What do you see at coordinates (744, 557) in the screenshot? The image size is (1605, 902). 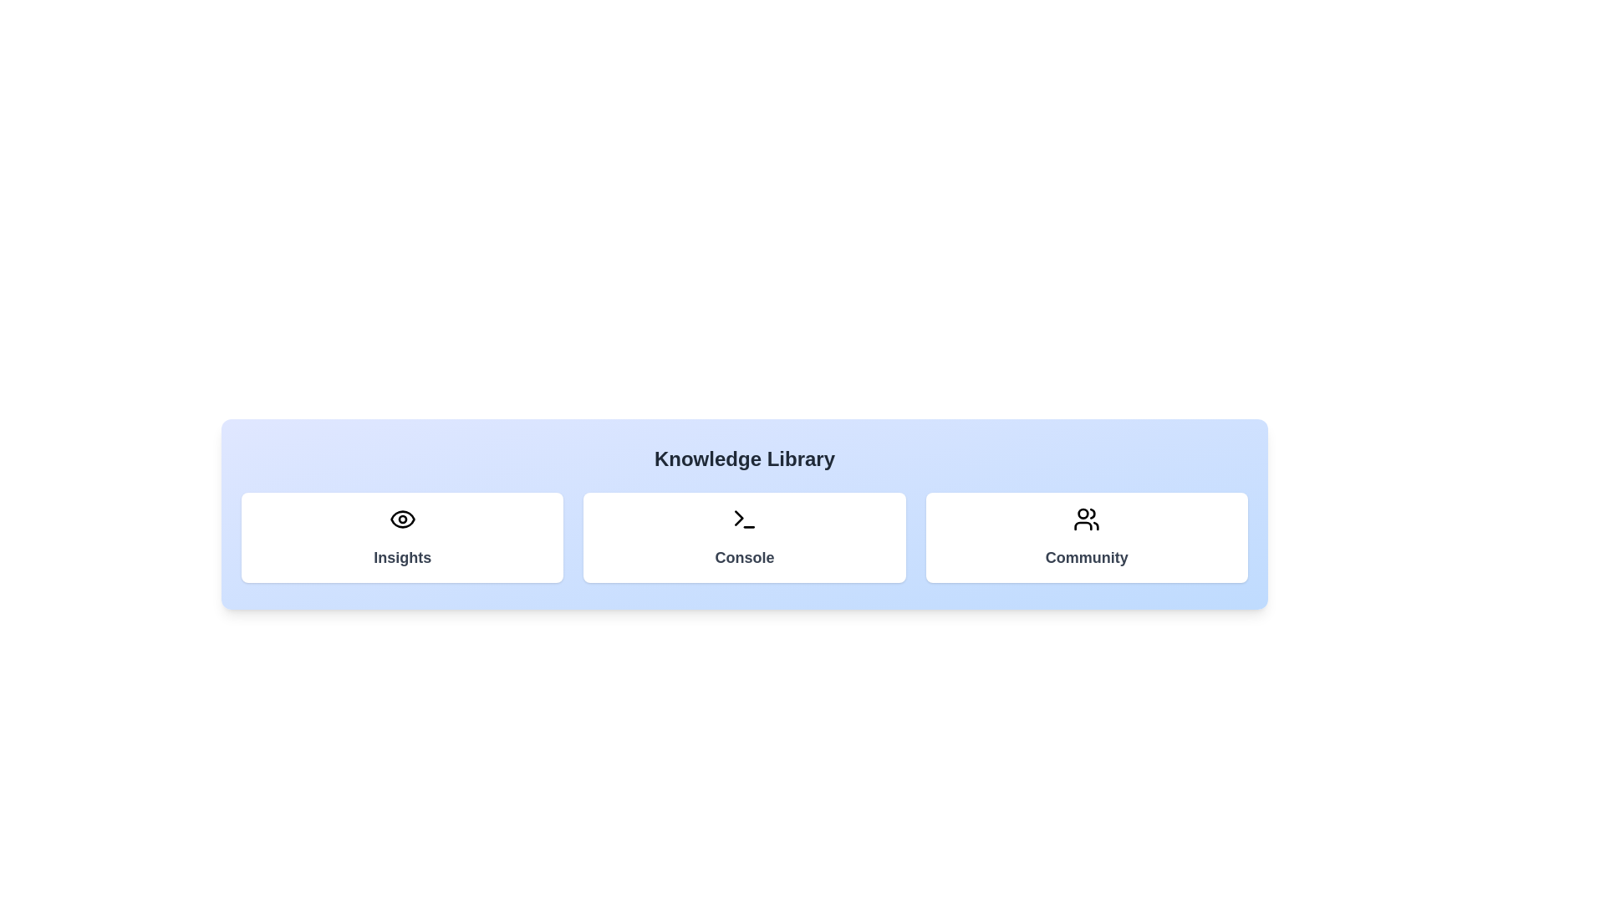 I see `the text label at the bottom of the card, which serves to indicate the function or content type of the card` at bounding box center [744, 557].